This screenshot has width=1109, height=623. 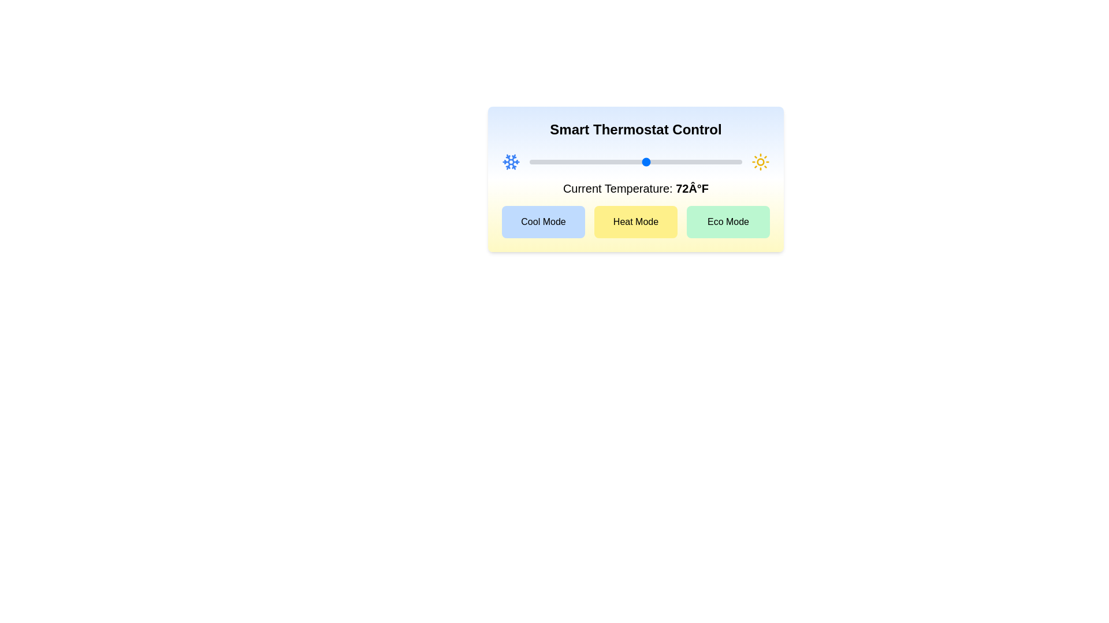 What do you see at coordinates (652, 162) in the screenshot?
I see `the temperature slider to set the temperature to 73°F` at bounding box center [652, 162].